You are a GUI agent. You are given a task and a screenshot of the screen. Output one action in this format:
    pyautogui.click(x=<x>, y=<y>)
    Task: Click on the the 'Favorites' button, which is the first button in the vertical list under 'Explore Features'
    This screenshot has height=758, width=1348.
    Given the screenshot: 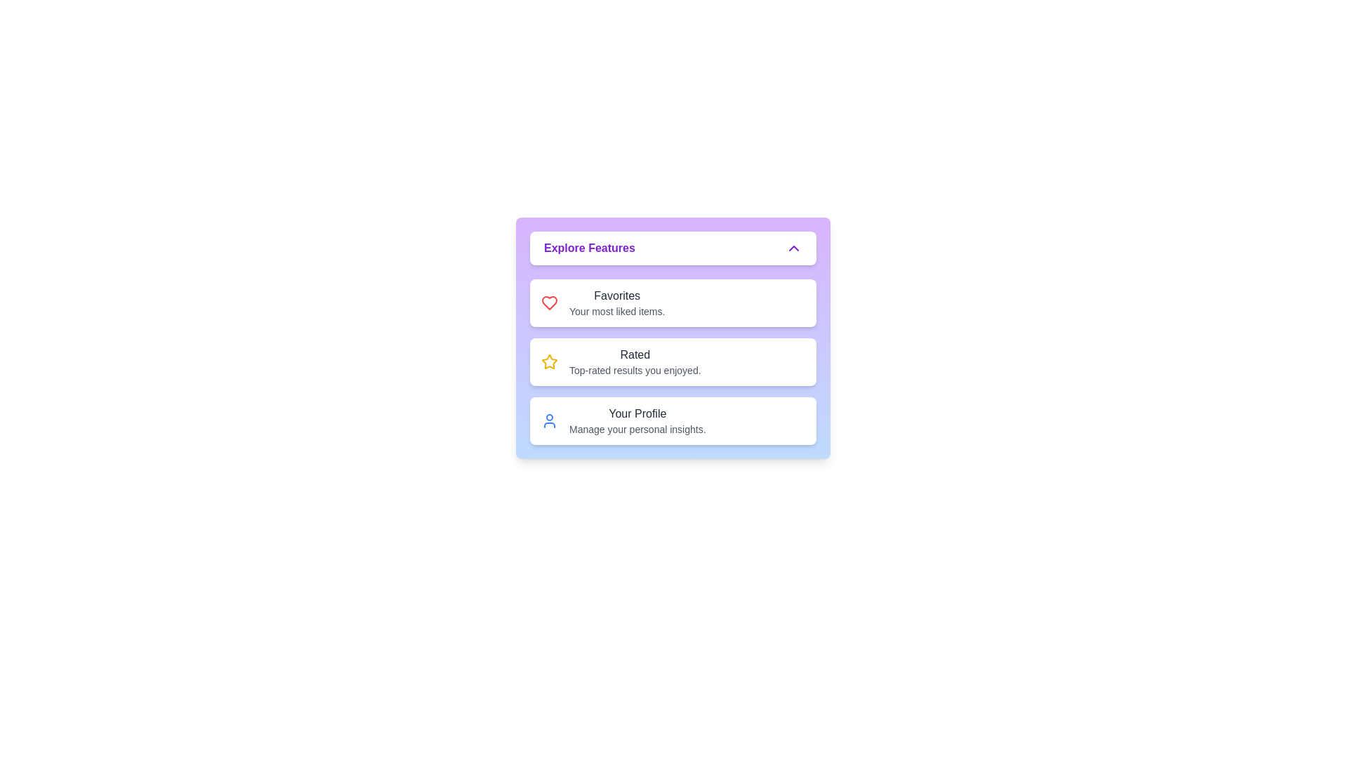 What is the action you would take?
    pyautogui.click(x=673, y=302)
    